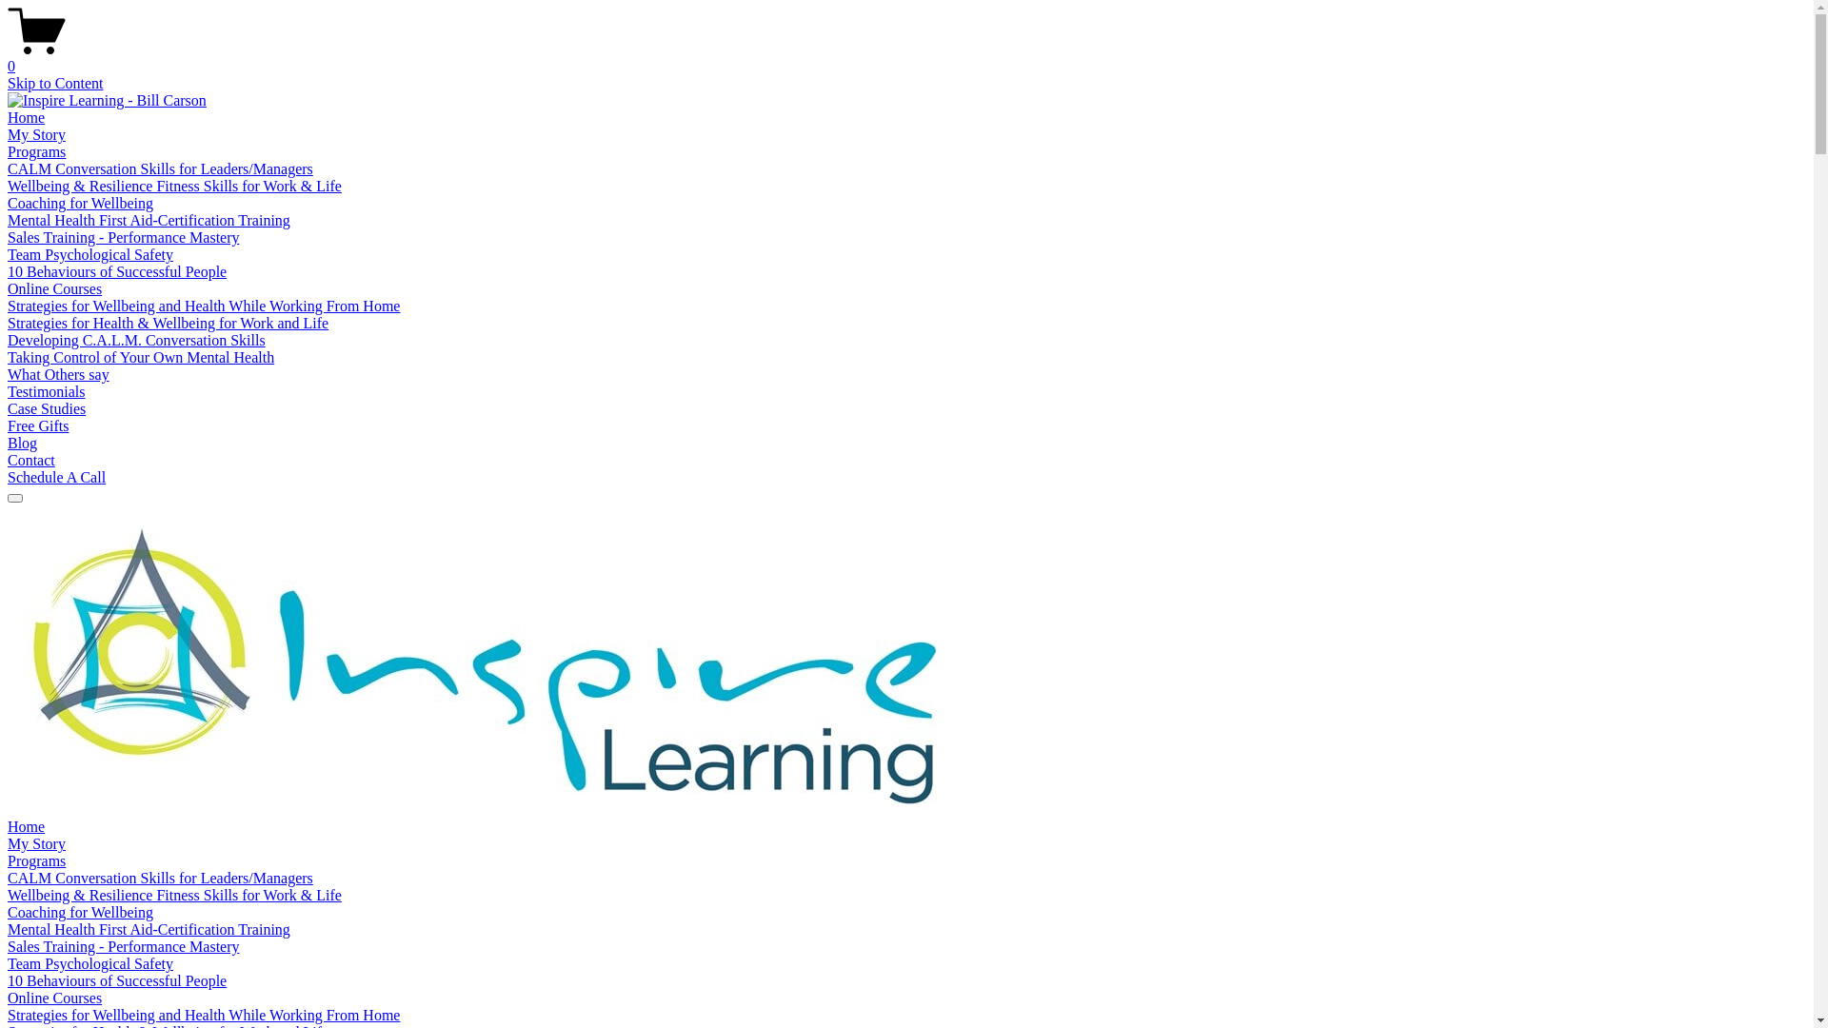 The height and width of the screenshot is (1028, 1828). What do you see at coordinates (8, 825) in the screenshot?
I see `'Home'` at bounding box center [8, 825].